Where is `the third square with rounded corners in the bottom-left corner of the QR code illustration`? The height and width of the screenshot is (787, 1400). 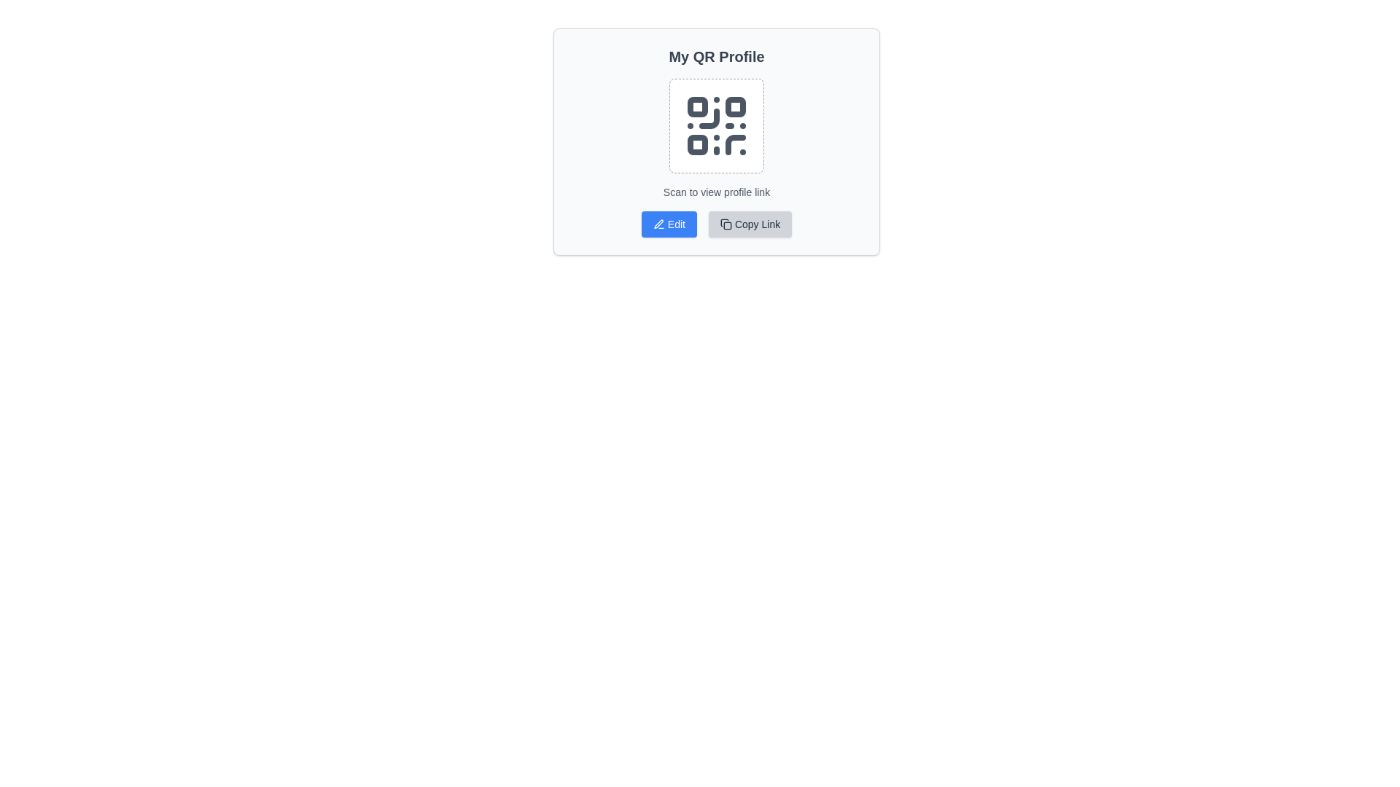 the third square with rounded corners in the bottom-left corner of the QR code illustration is located at coordinates (696, 145).